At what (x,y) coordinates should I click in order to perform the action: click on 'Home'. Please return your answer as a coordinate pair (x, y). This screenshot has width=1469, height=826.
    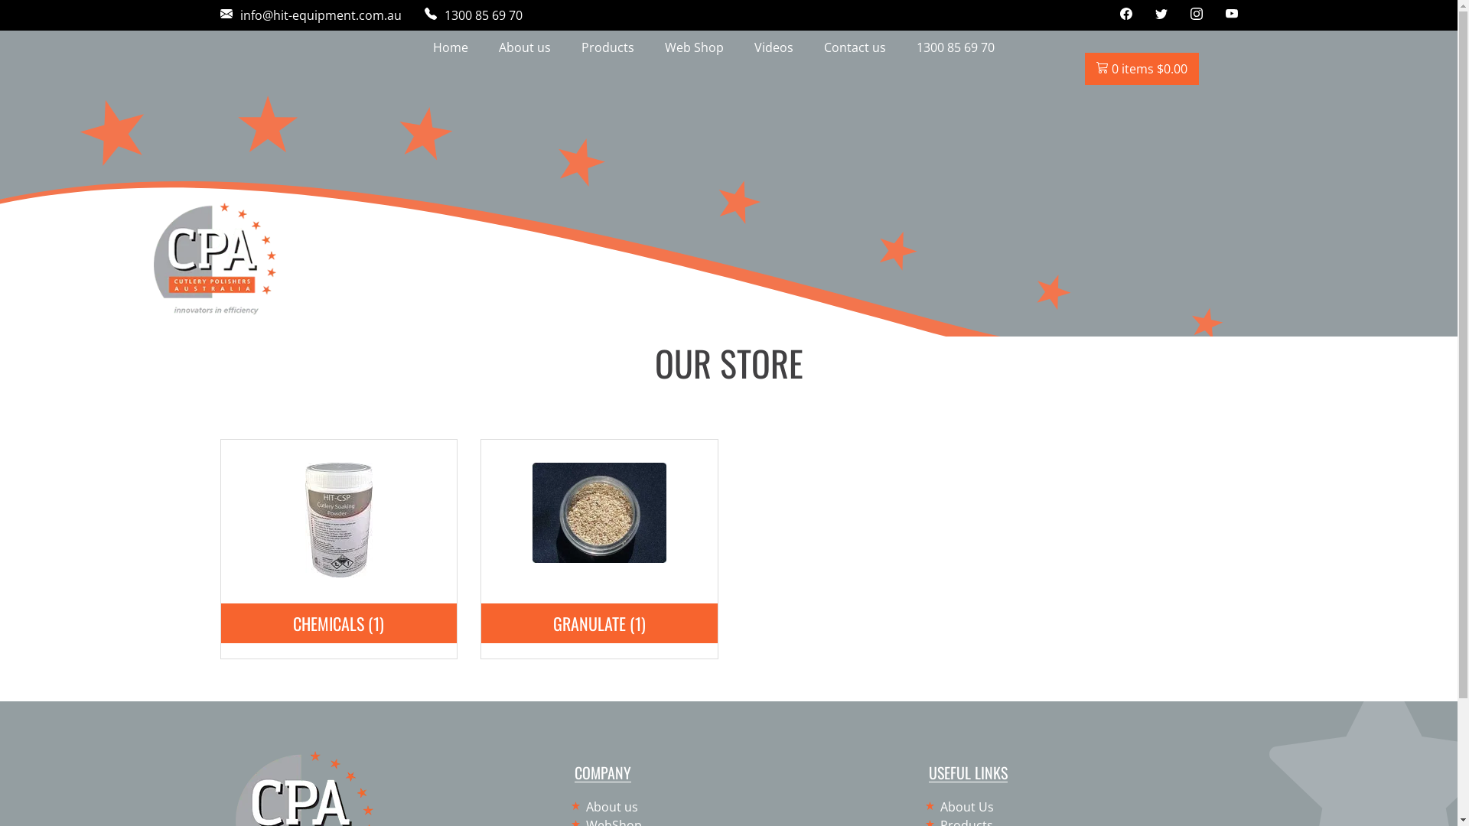
    Looking at the image, I should click on (418, 46).